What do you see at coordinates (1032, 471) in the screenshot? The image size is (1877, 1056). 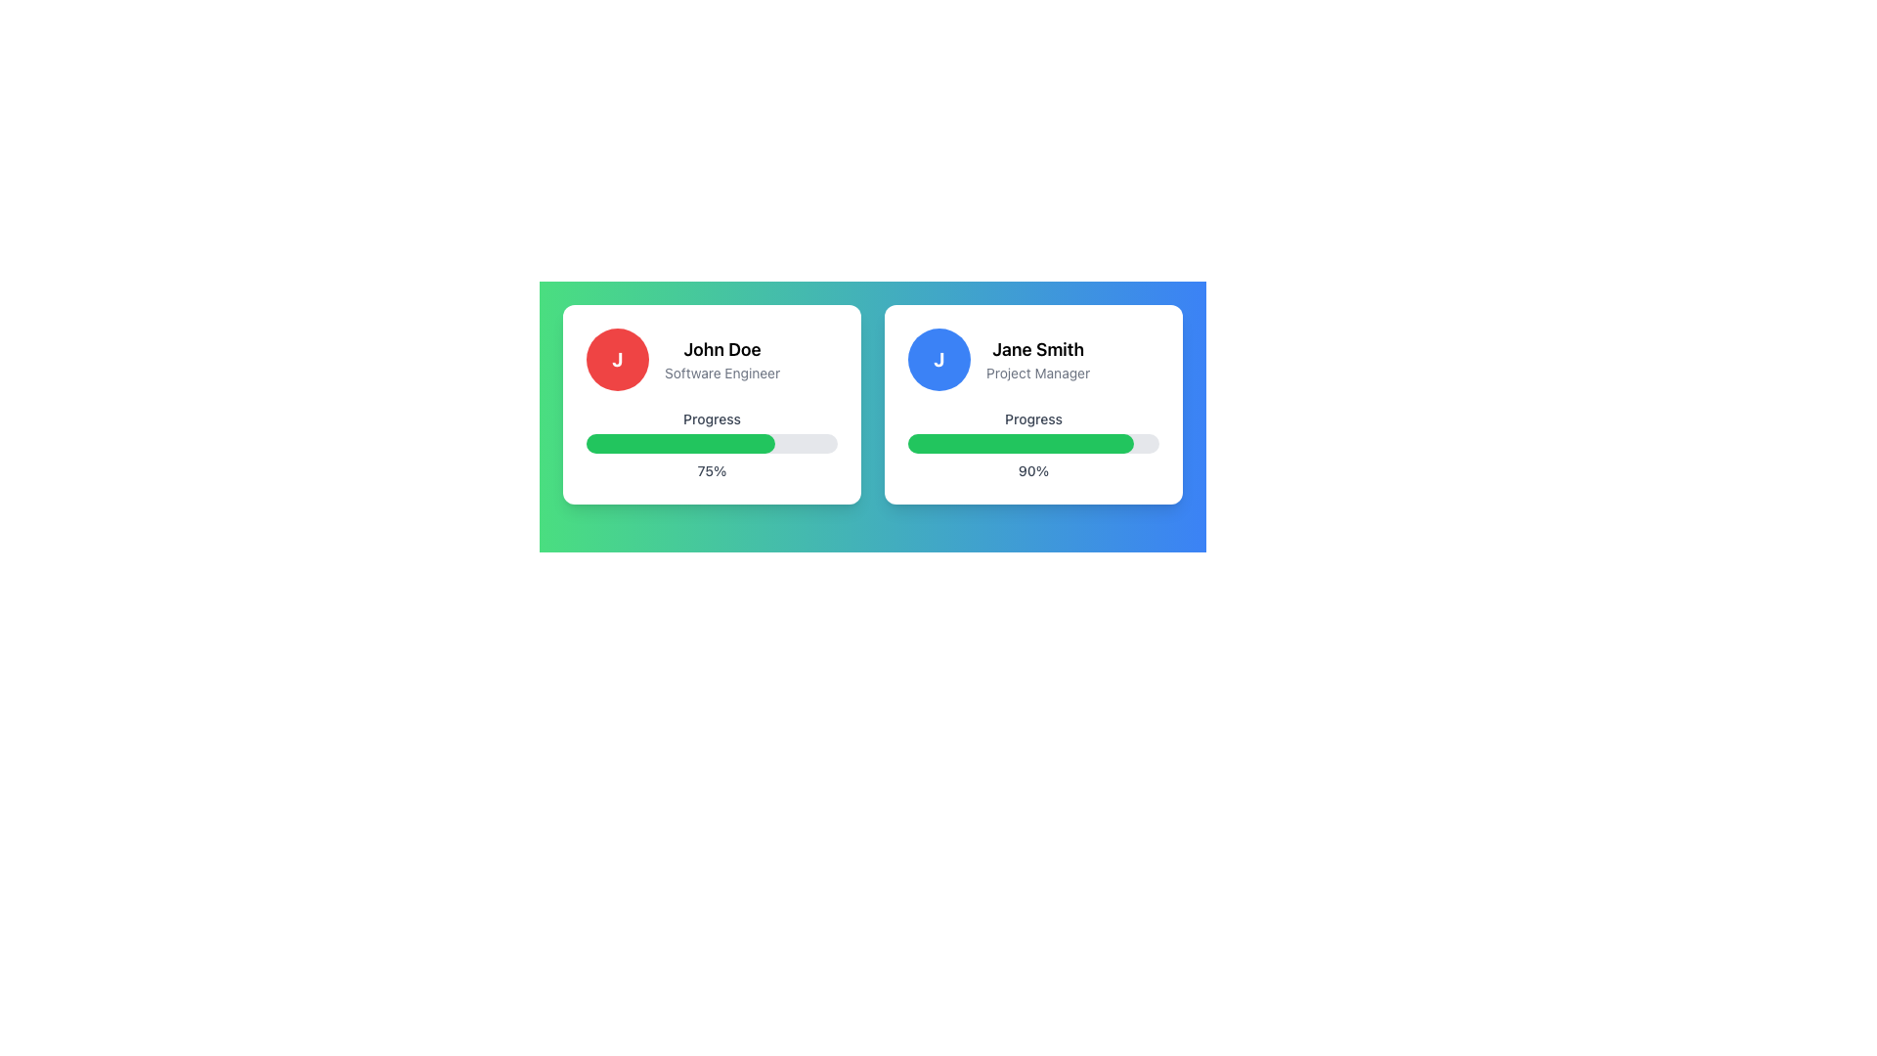 I see `the static text displaying '90%' which is styled in gray and located below the green progress bar in the right card of a two-card layout` at bounding box center [1032, 471].